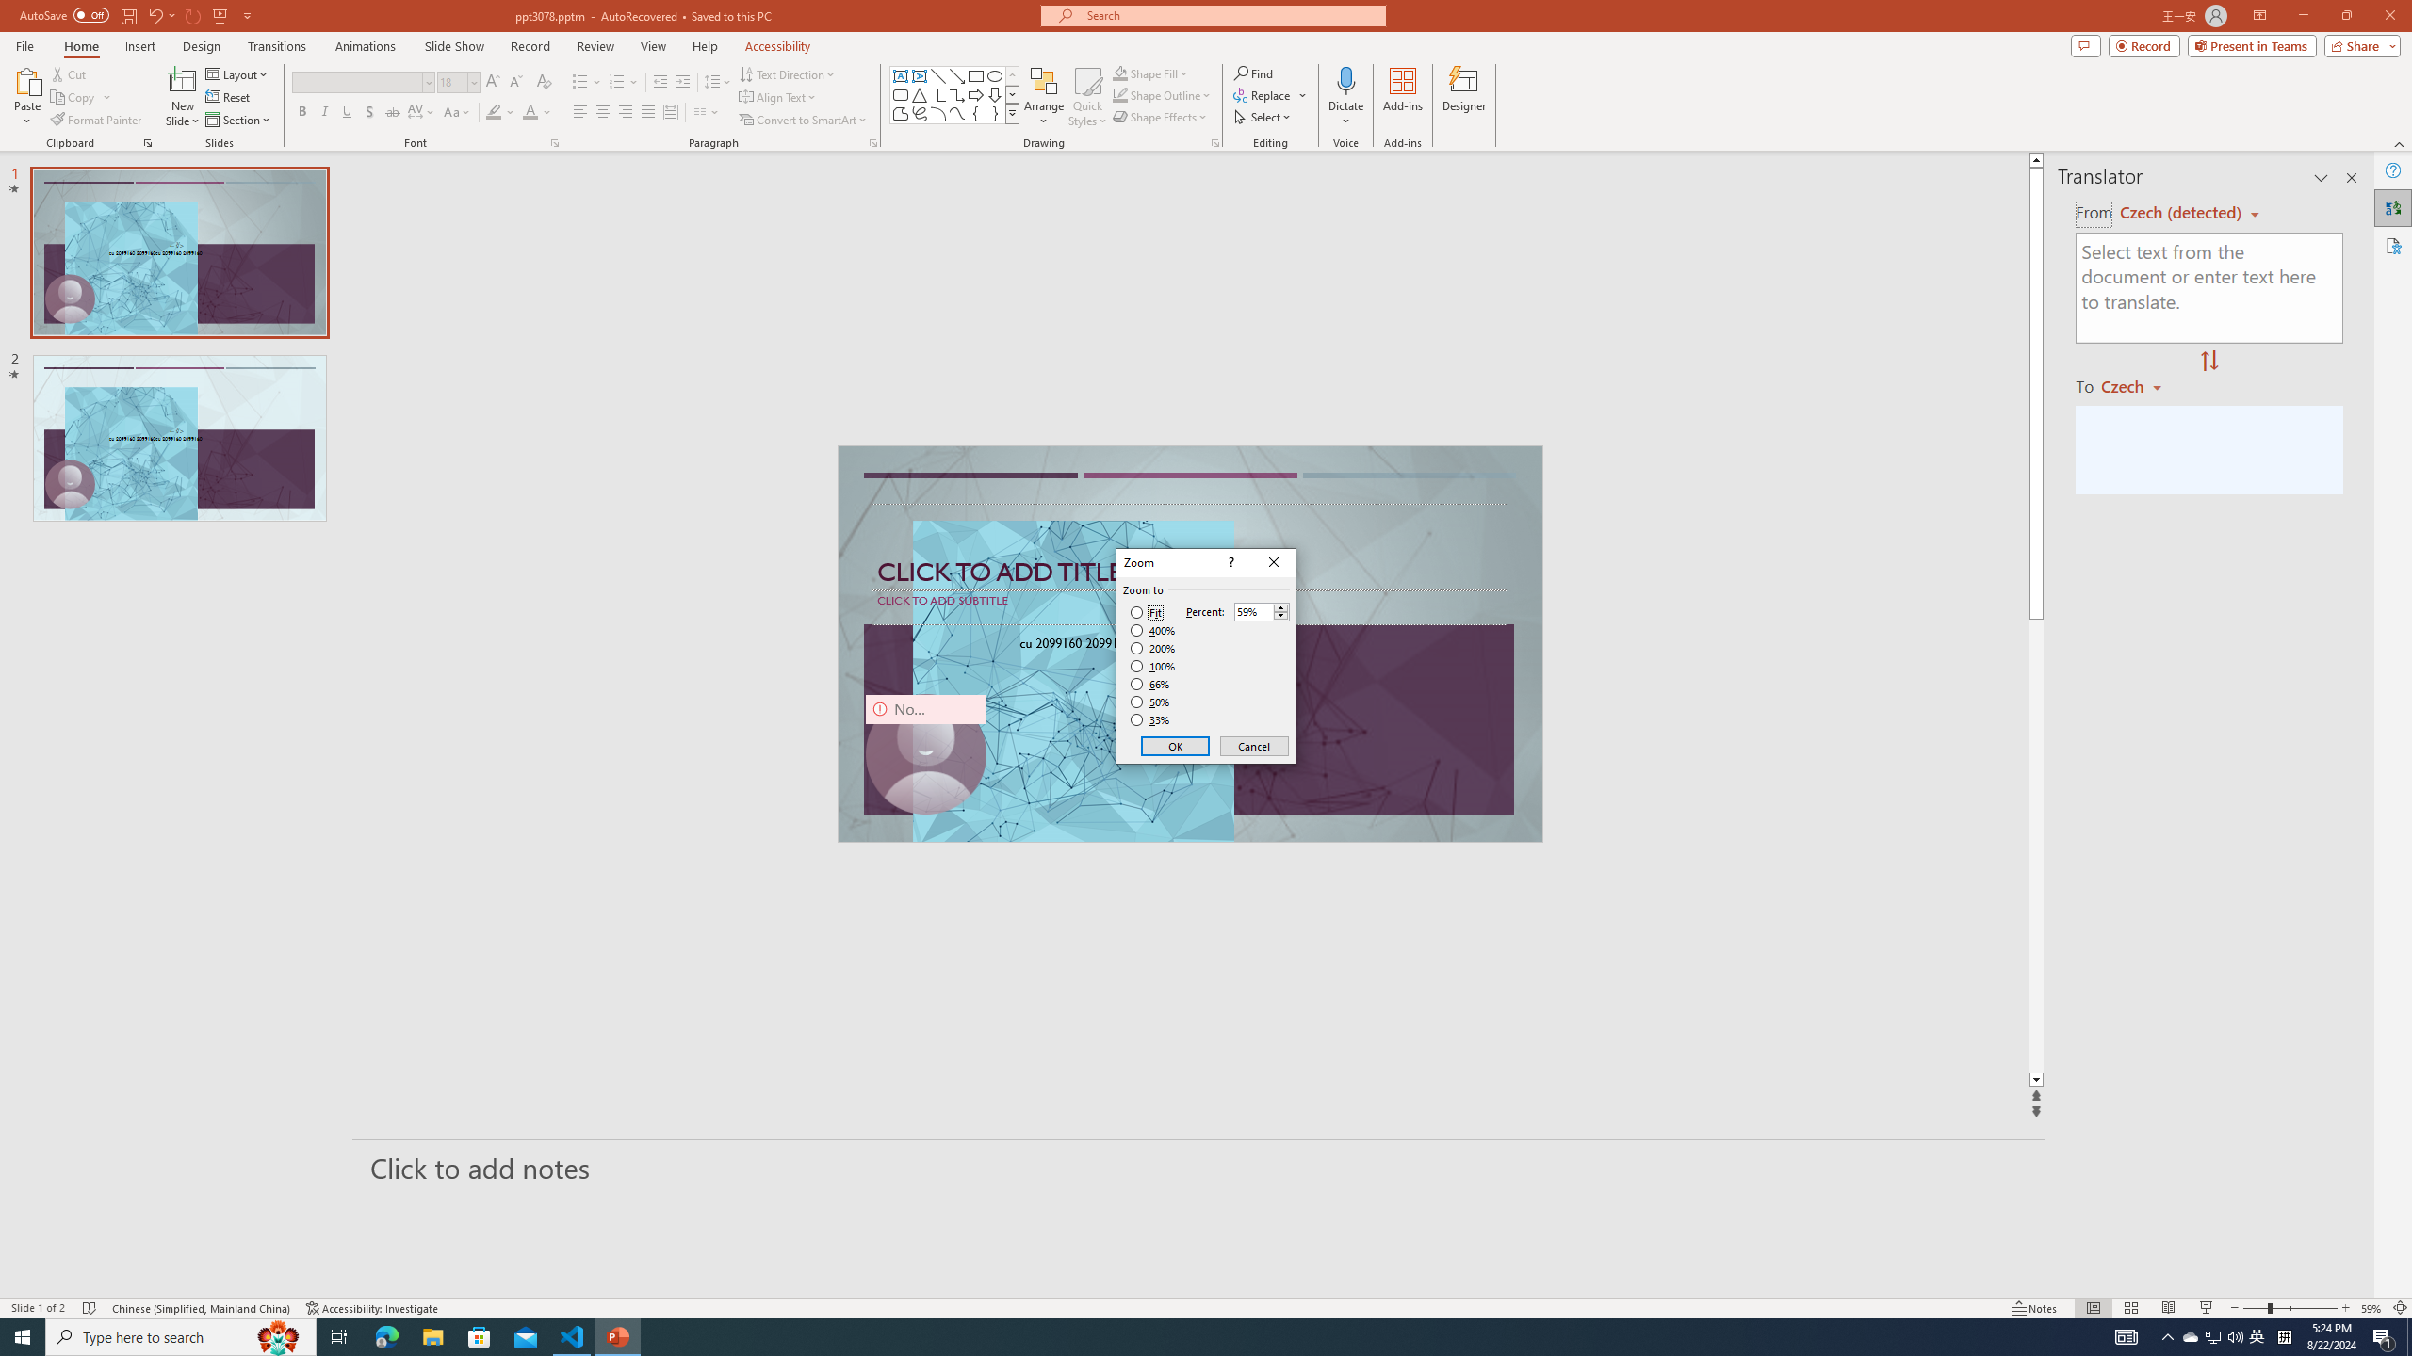 This screenshot has height=1356, width=2412. I want to click on 'Czech', so click(2139, 385).